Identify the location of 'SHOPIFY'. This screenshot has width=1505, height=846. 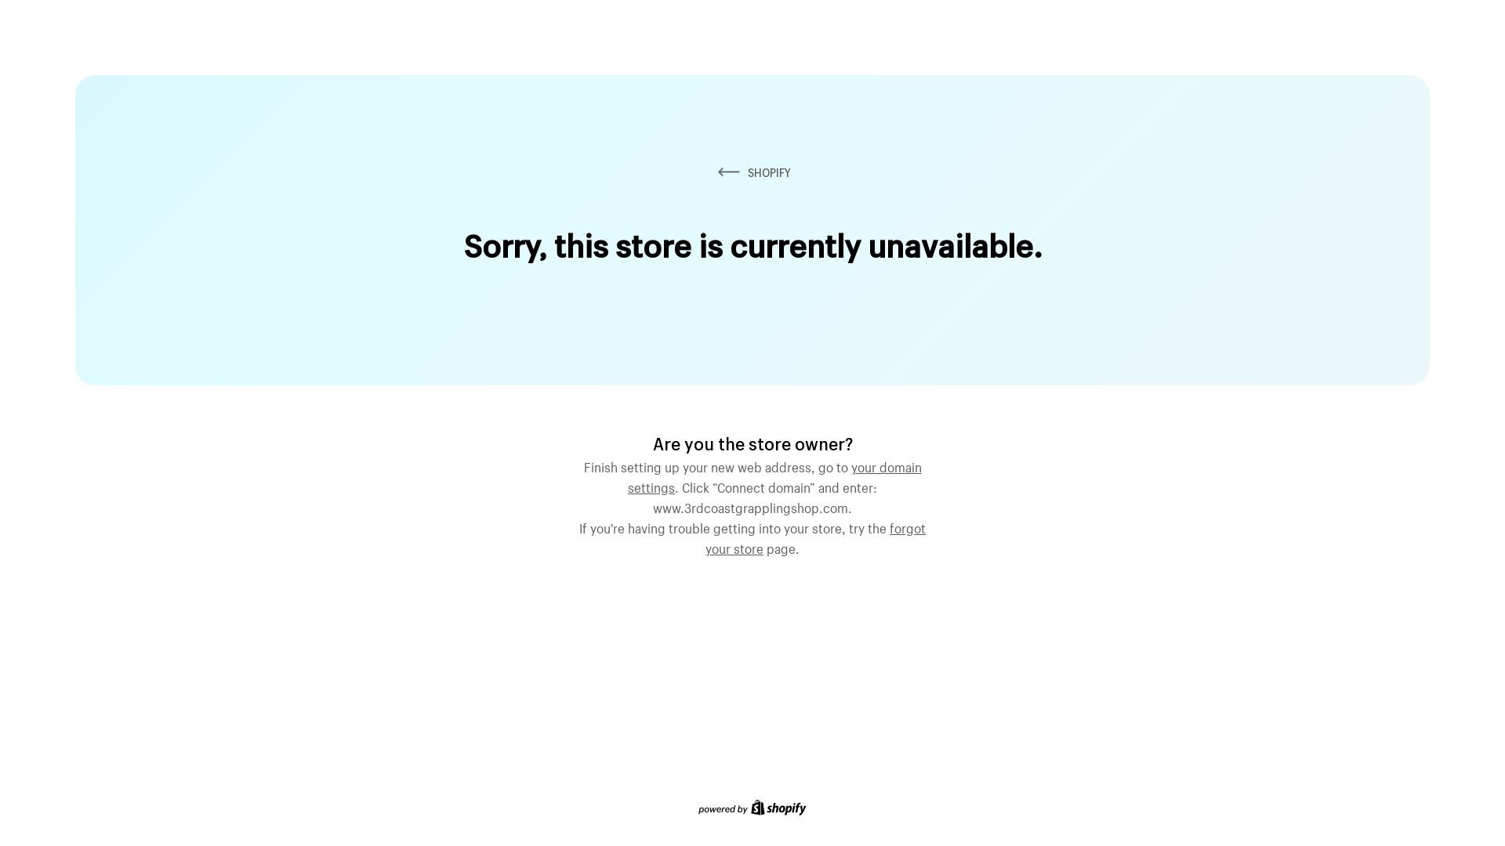
(752, 172).